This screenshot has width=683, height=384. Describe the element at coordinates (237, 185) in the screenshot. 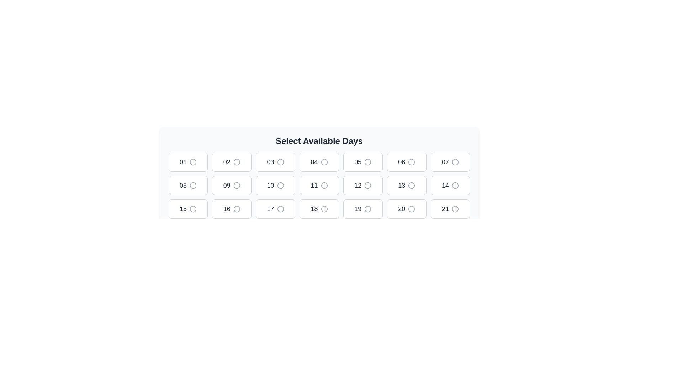

I see `the circular SVG icon with a thin gray border, located to the right of the numeral '09', in the second row and second column of the selectable day options grid` at that location.